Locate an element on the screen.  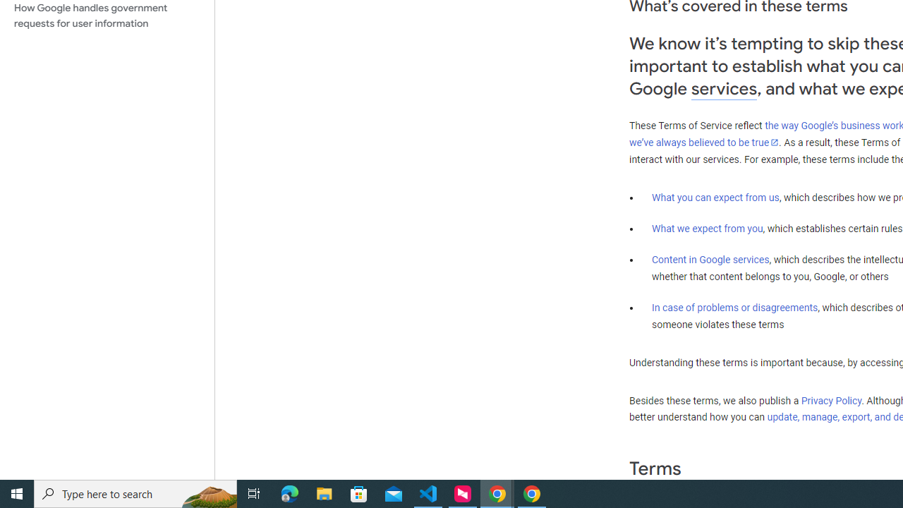
'What you can expect from us' is located at coordinates (715, 197).